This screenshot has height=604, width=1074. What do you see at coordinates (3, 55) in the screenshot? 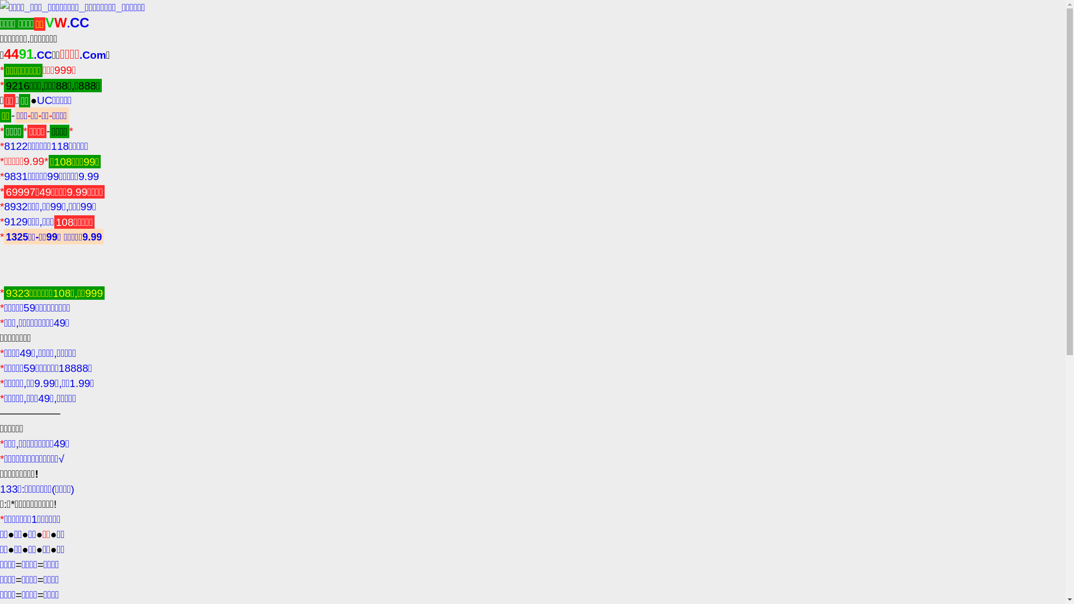
I see `'4491.CC'` at bounding box center [3, 55].